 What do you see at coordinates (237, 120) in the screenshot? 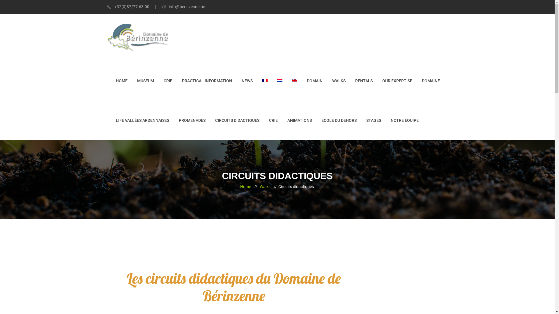
I see `'CIRCUITS DIDACTIQUES'` at bounding box center [237, 120].